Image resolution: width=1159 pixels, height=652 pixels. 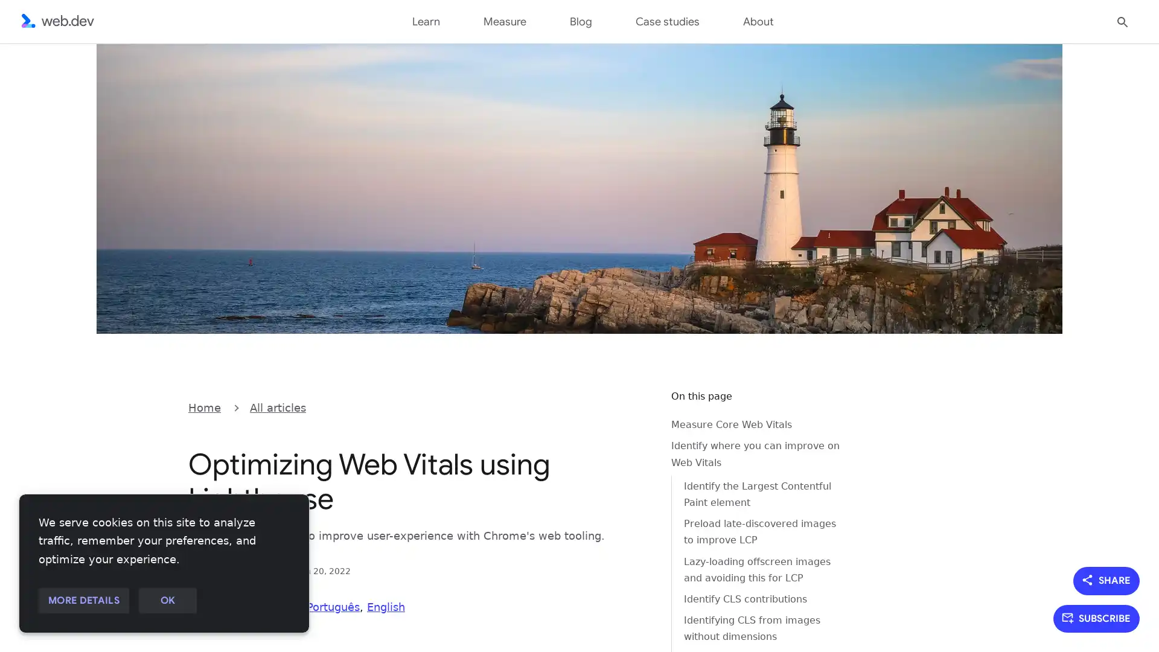 What do you see at coordinates (1122, 21) in the screenshot?
I see `Open search` at bounding box center [1122, 21].